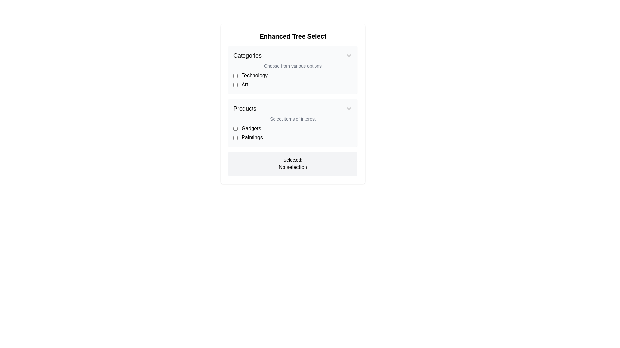  What do you see at coordinates (235, 84) in the screenshot?
I see `the small square checkbox located to the left of the text 'Art'` at bounding box center [235, 84].